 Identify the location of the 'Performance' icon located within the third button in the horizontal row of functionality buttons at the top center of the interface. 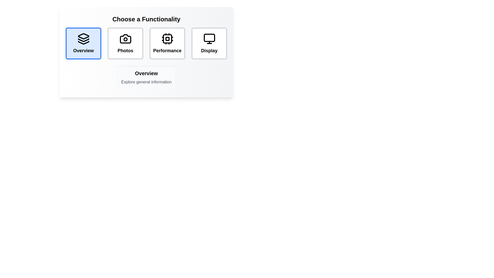
(167, 38).